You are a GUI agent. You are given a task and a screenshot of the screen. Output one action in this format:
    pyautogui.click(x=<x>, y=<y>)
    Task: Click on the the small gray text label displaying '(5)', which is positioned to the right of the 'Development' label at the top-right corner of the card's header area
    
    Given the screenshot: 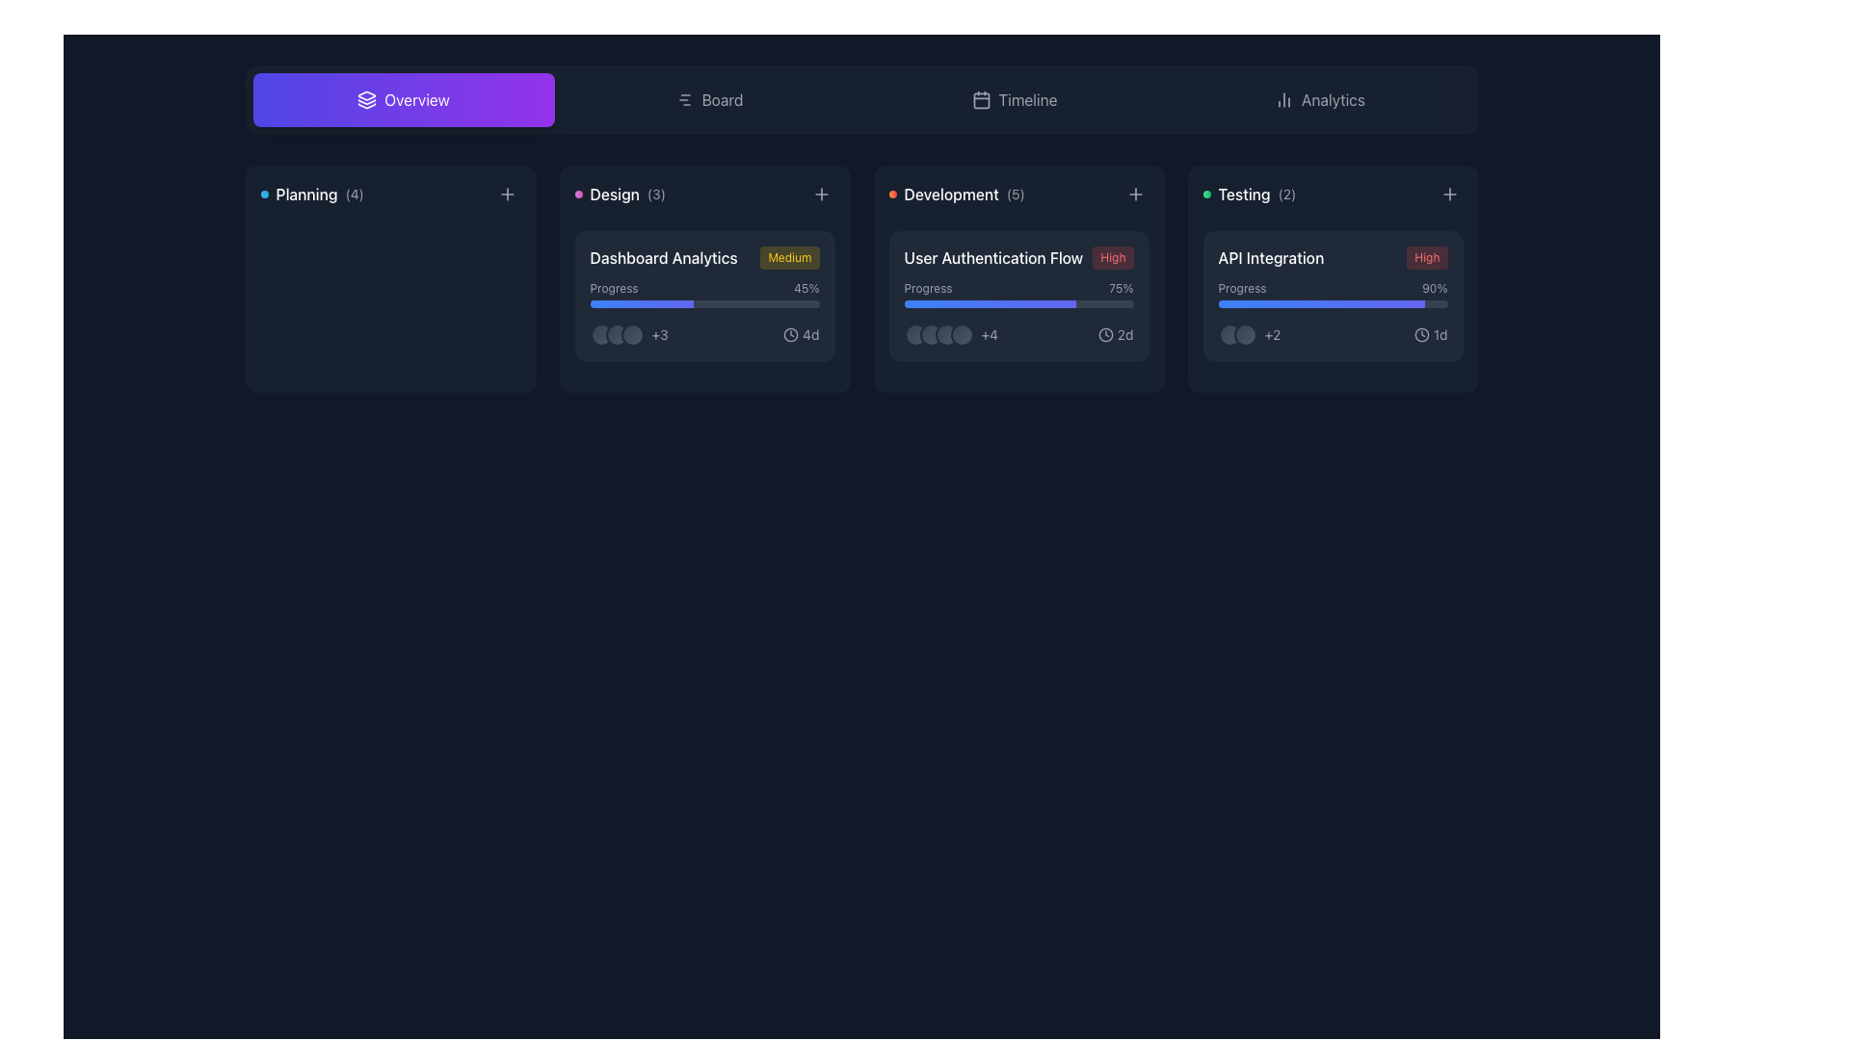 What is the action you would take?
    pyautogui.click(x=1015, y=194)
    